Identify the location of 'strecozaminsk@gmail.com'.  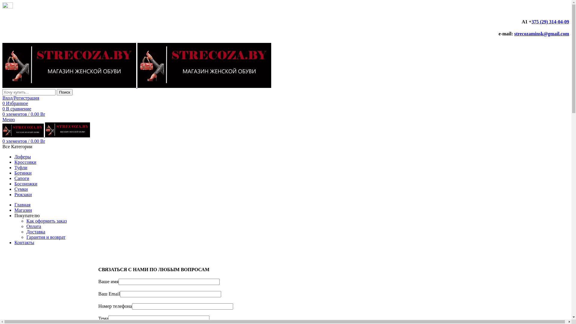
(514, 34).